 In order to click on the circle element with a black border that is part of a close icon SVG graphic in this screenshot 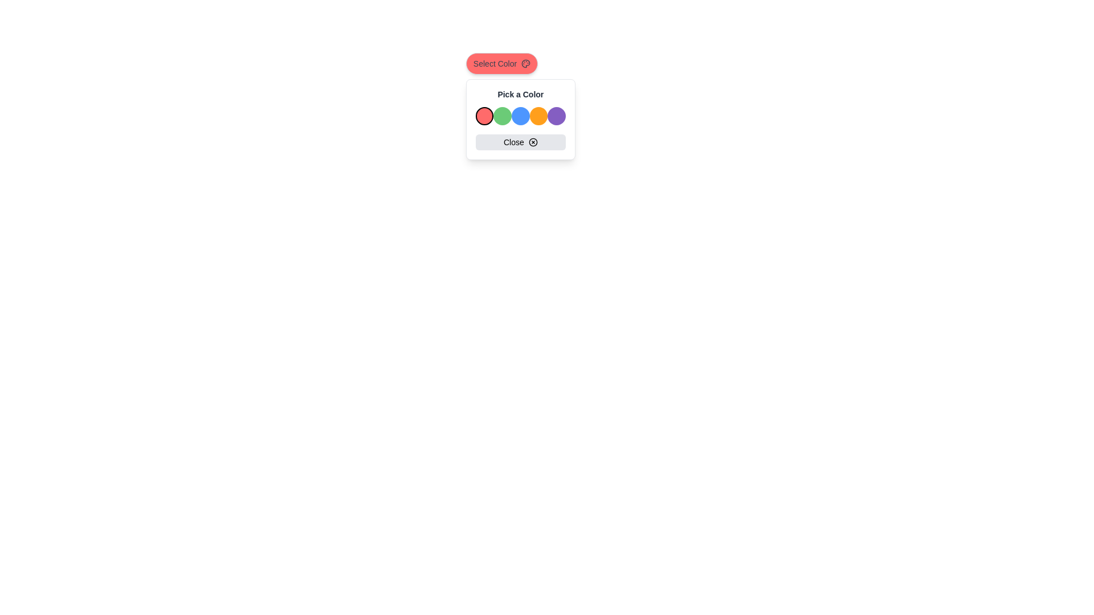, I will do `click(532, 142)`.